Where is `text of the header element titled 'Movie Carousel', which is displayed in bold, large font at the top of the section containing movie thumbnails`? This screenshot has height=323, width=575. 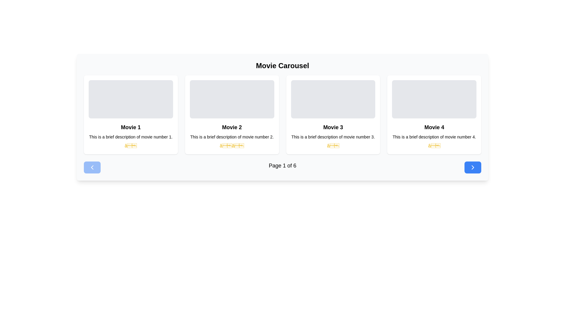
text of the header element titled 'Movie Carousel', which is displayed in bold, large font at the top of the section containing movie thumbnails is located at coordinates (282, 65).